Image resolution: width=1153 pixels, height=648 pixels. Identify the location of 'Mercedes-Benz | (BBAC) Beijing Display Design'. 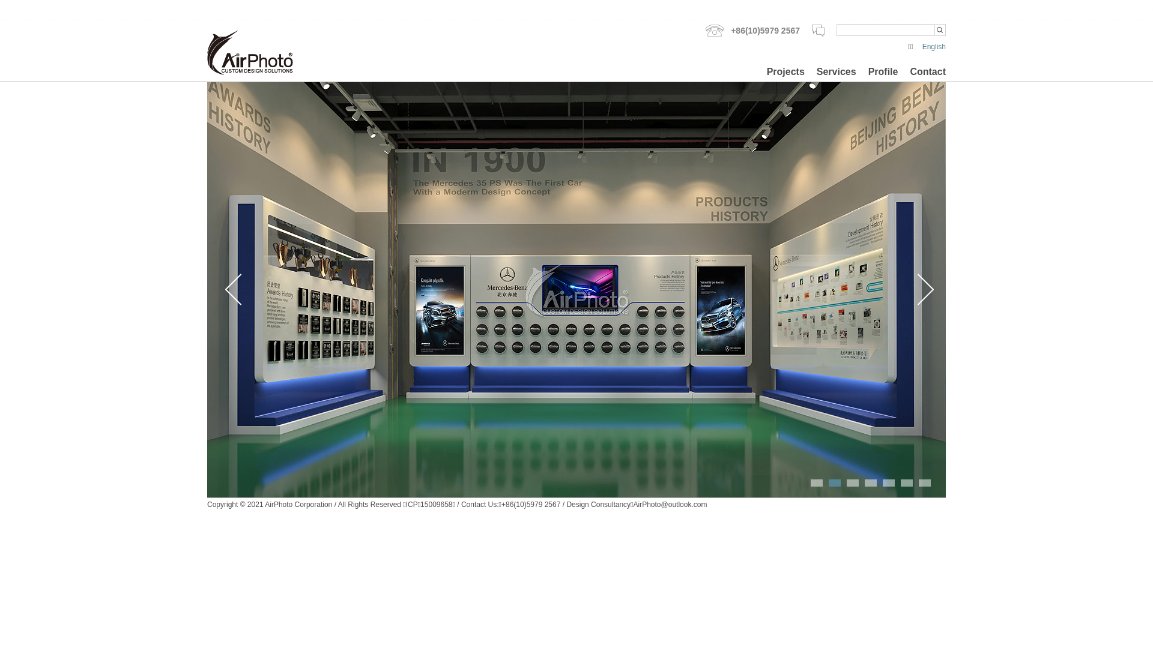
(576, 289).